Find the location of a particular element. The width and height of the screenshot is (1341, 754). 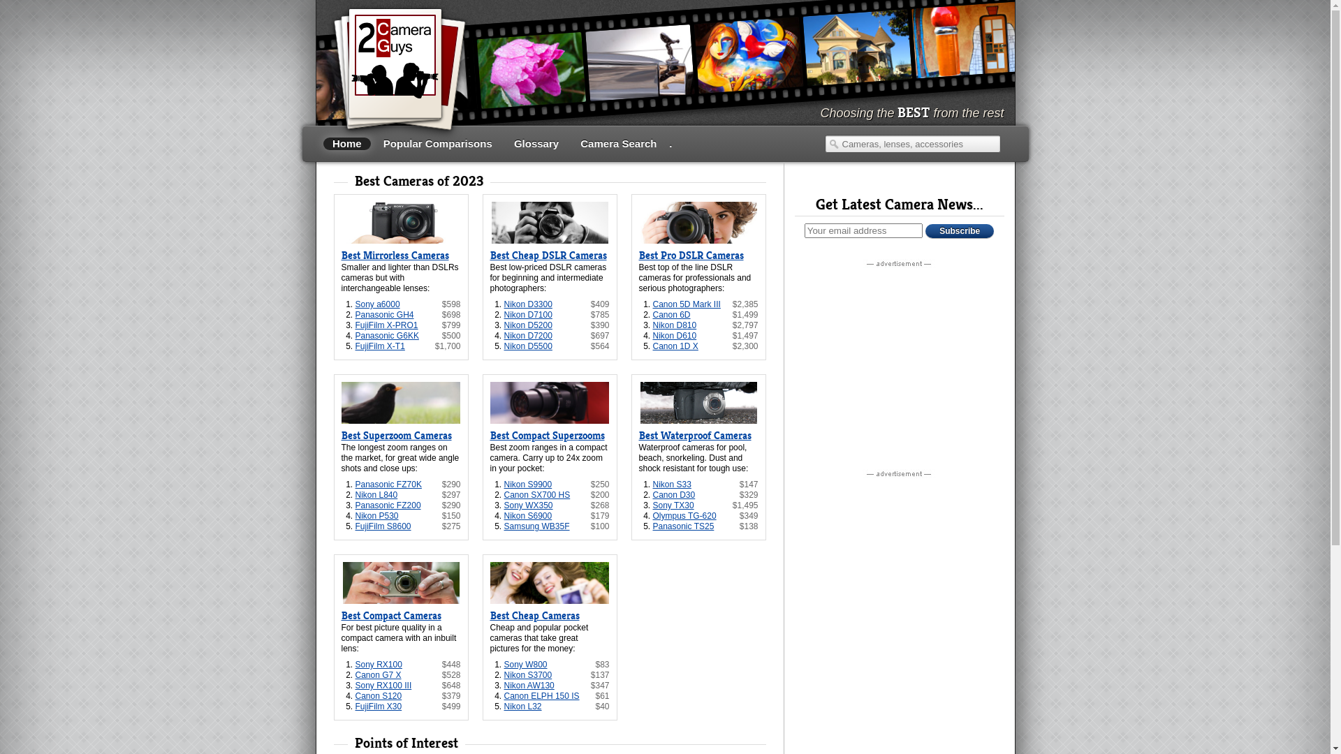

'Sony RX100' is located at coordinates (378, 664).